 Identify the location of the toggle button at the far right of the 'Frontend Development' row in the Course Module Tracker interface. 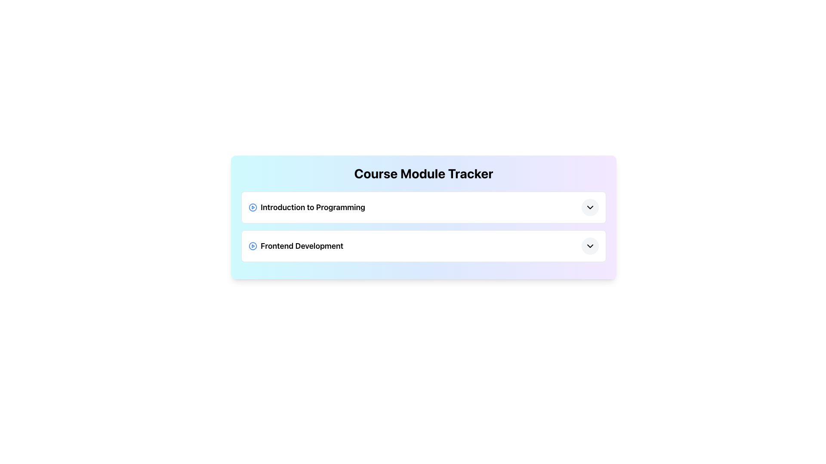
(590, 246).